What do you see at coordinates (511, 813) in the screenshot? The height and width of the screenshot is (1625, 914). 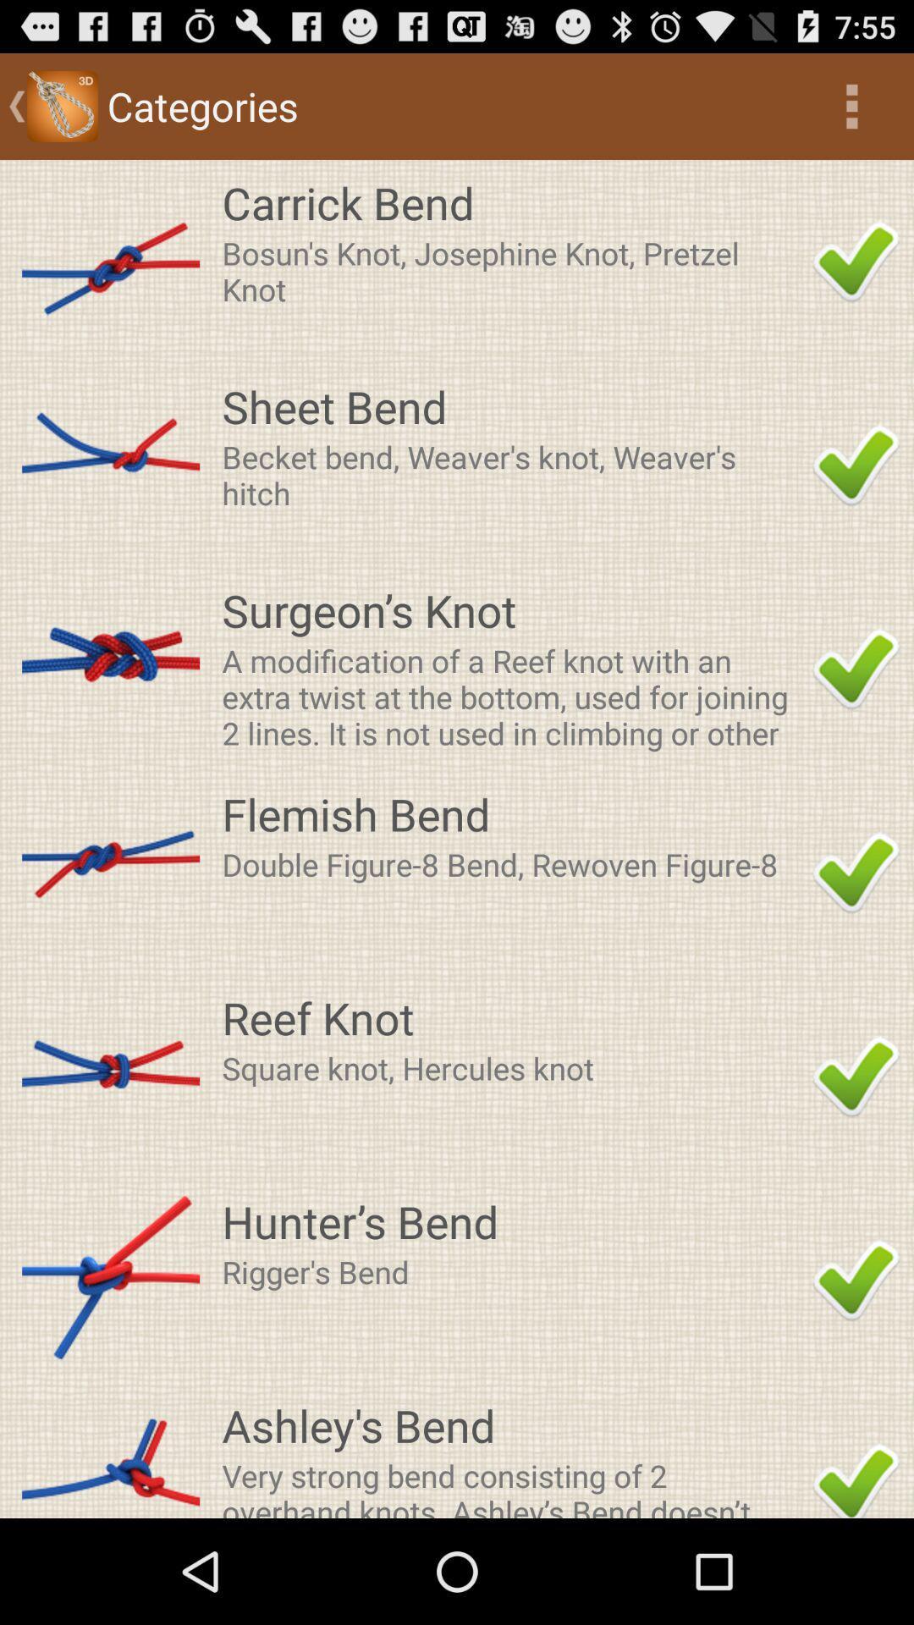 I see `the item above the double figure 8` at bounding box center [511, 813].